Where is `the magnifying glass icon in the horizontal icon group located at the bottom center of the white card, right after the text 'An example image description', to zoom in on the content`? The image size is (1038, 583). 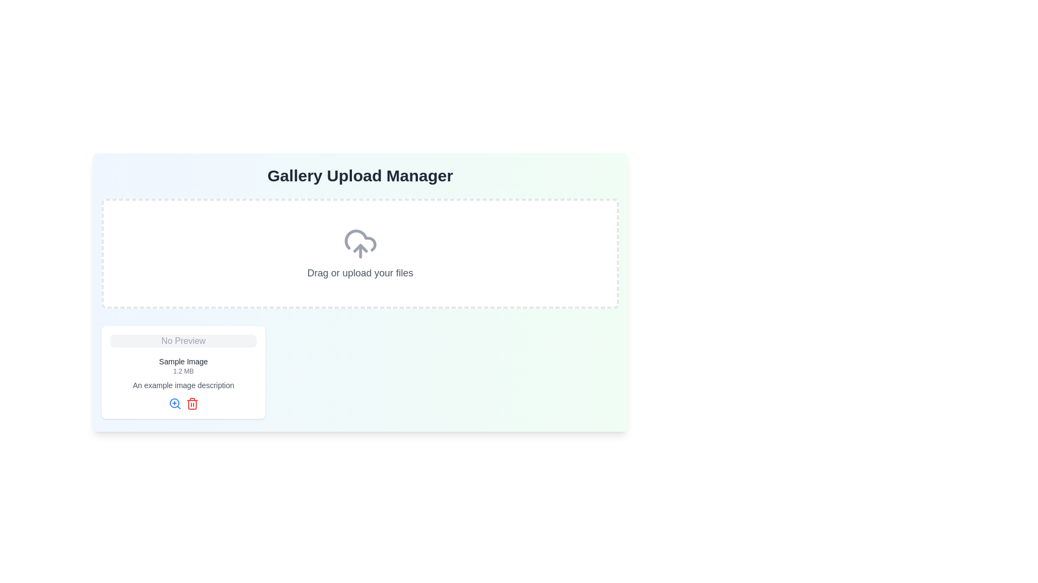
the magnifying glass icon in the horizontal icon group located at the bottom center of the white card, right after the text 'An example image description', to zoom in on the content is located at coordinates (183, 404).